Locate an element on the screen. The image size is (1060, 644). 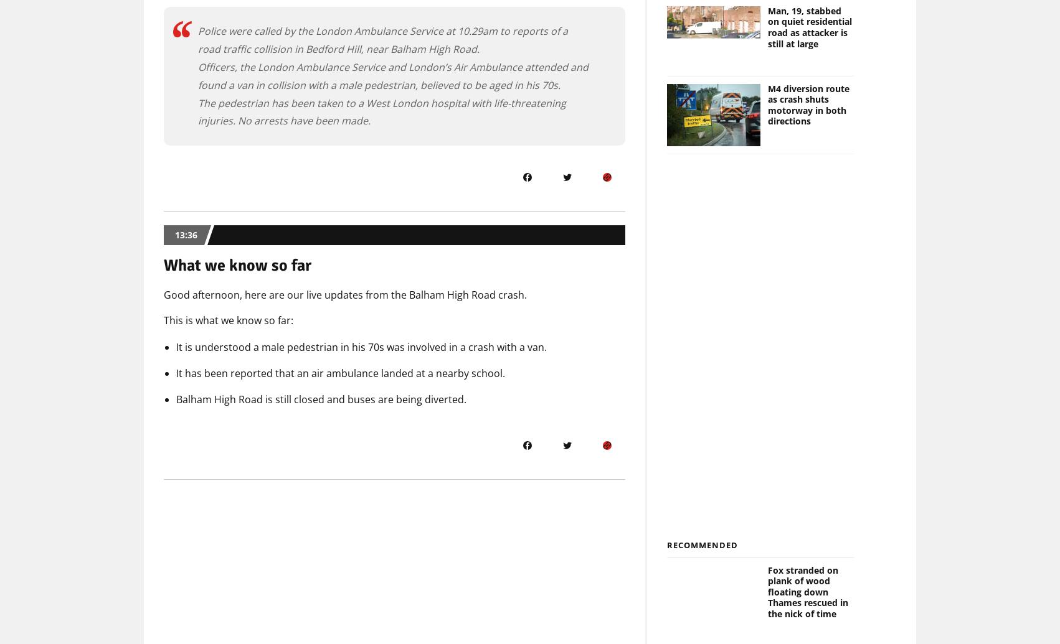
'This is what we know so far:' is located at coordinates (228, 319).